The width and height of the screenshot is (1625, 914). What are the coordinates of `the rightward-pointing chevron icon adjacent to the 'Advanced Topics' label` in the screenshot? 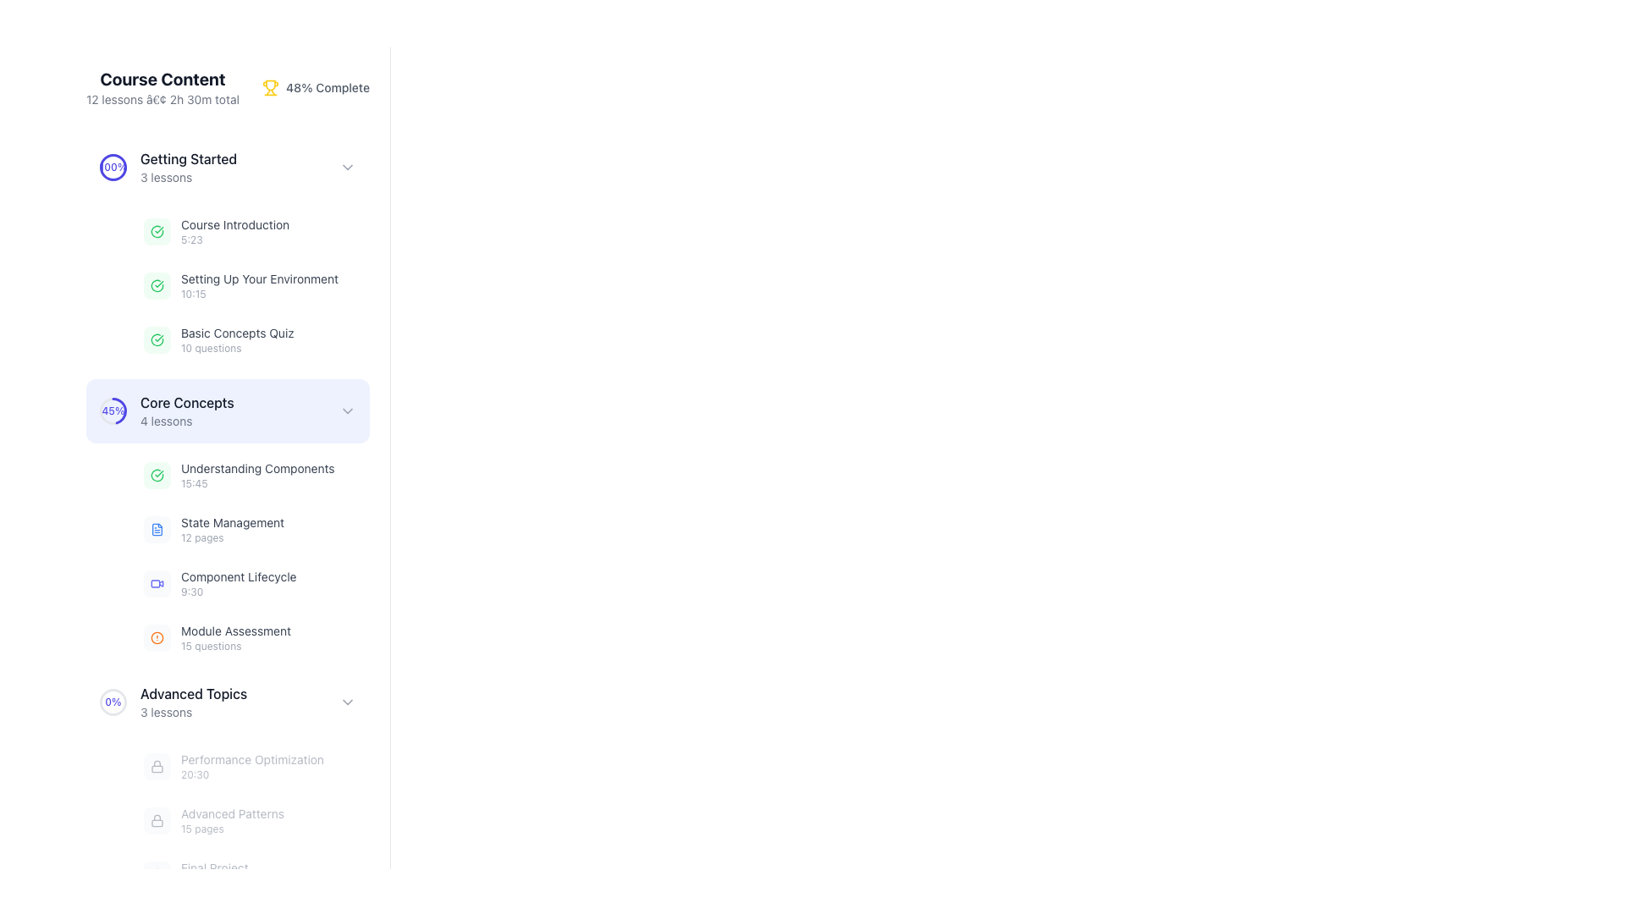 It's located at (347, 702).